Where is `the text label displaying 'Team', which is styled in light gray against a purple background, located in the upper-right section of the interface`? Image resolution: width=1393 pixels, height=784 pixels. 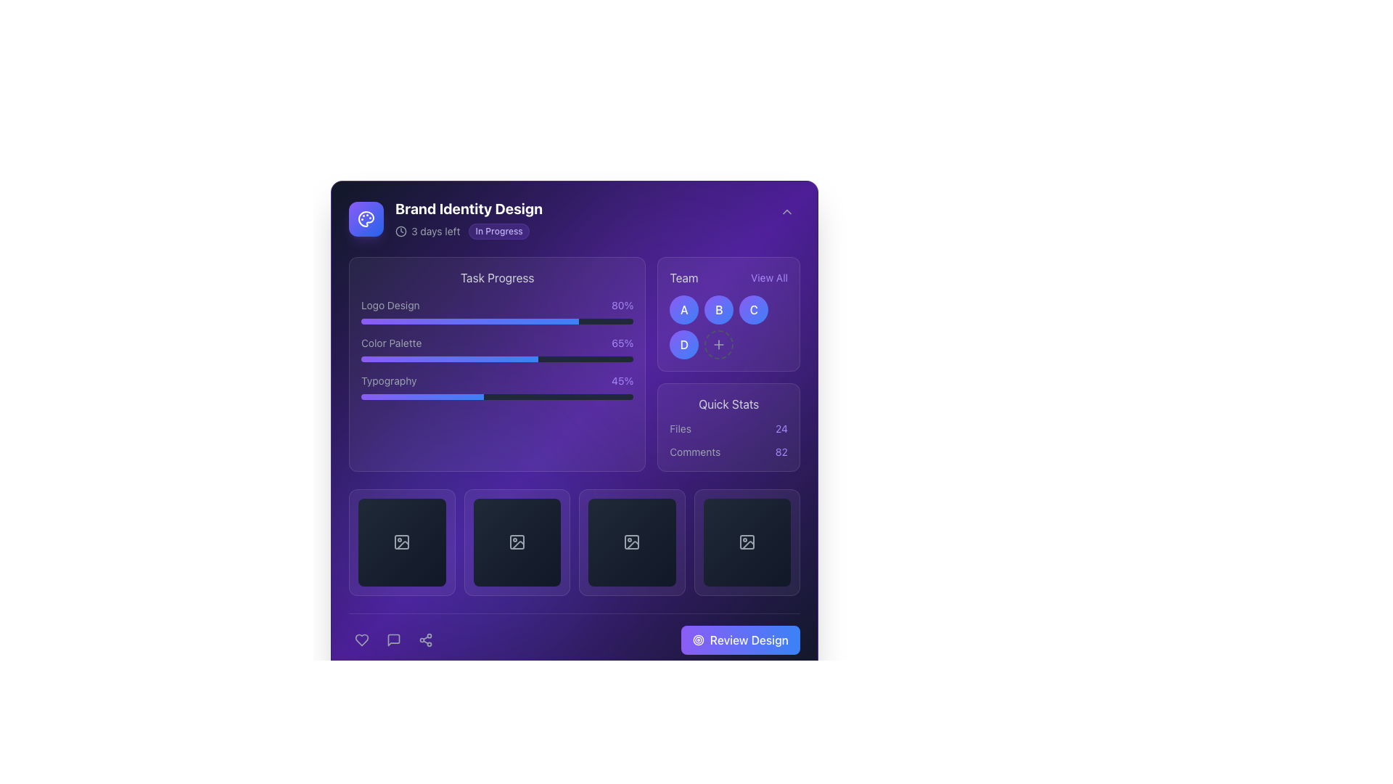
the text label displaying 'Team', which is styled in light gray against a purple background, located in the upper-right section of the interface is located at coordinates (683, 277).